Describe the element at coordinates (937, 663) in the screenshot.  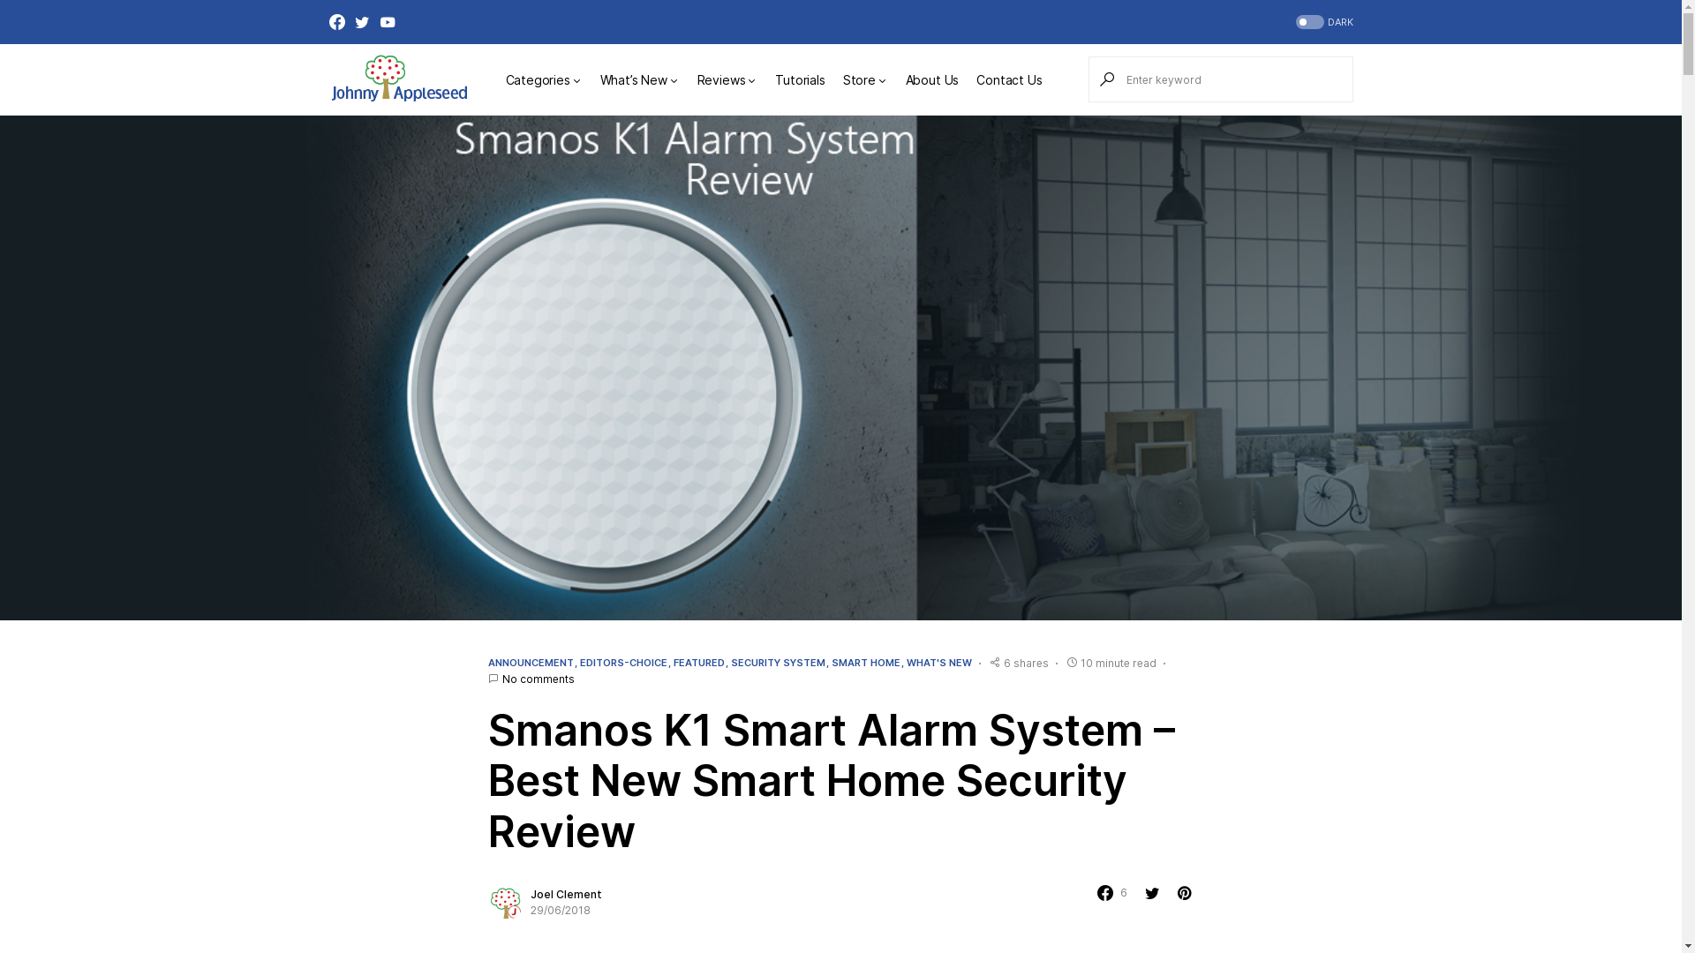
I see `'WHAT'S NEW'` at that location.